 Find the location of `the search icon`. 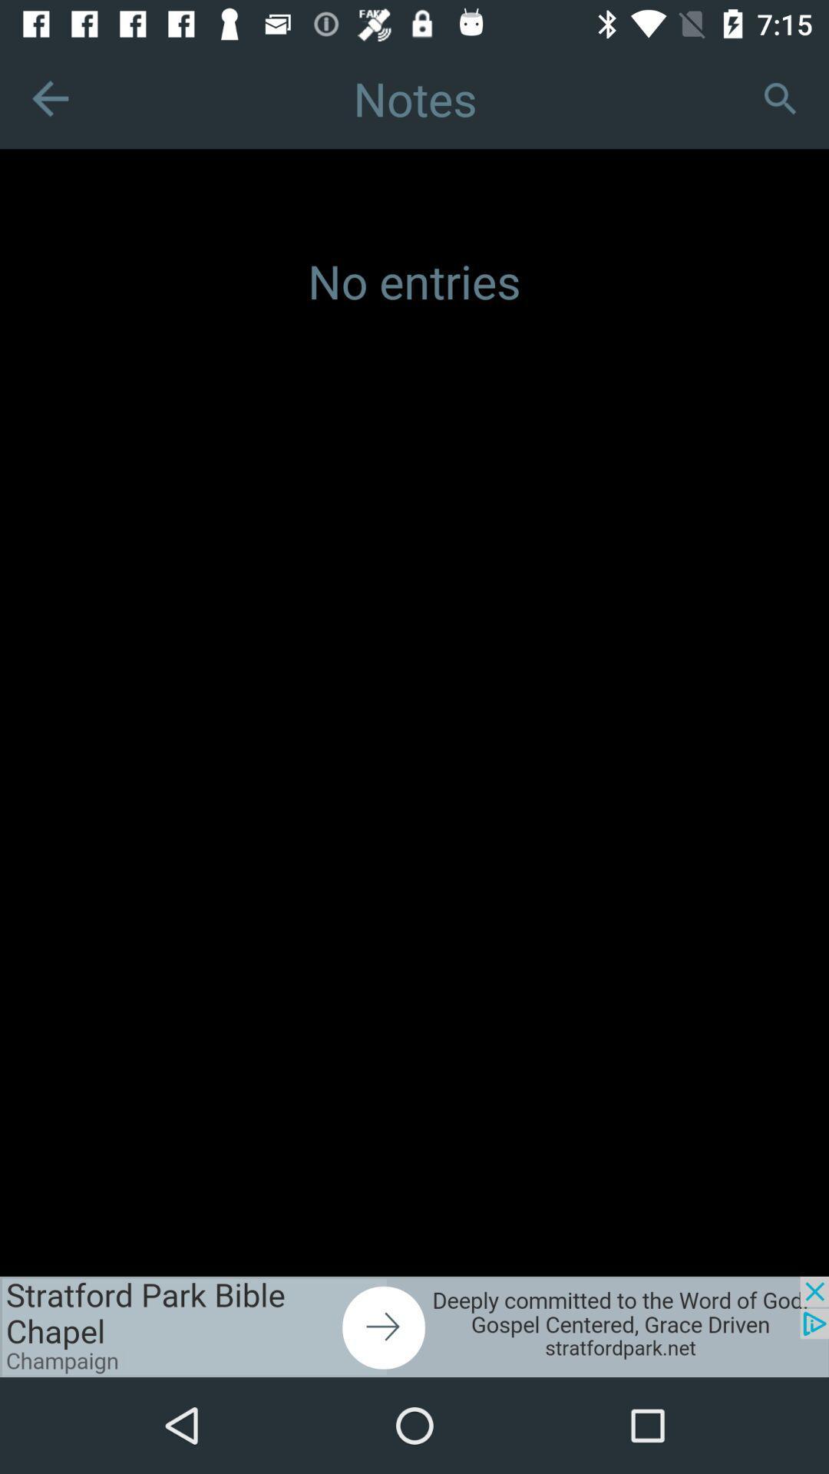

the search icon is located at coordinates (779, 97).